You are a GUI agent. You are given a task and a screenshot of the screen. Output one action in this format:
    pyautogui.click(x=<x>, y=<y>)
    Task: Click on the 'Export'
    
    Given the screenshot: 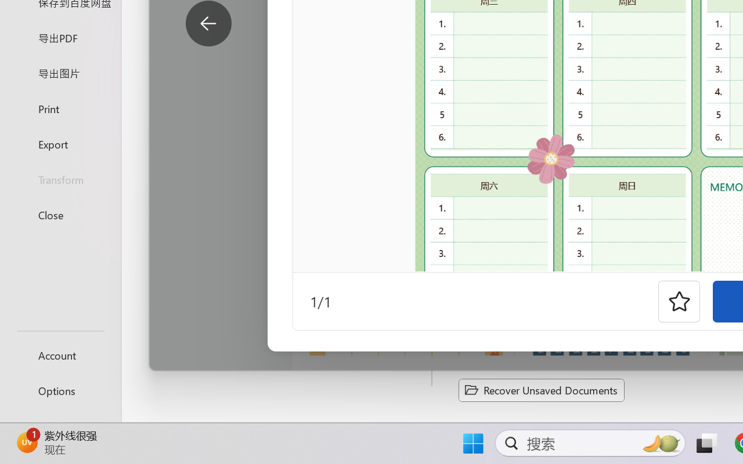 What is the action you would take?
    pyautogui.click(x=60, y=143)
    